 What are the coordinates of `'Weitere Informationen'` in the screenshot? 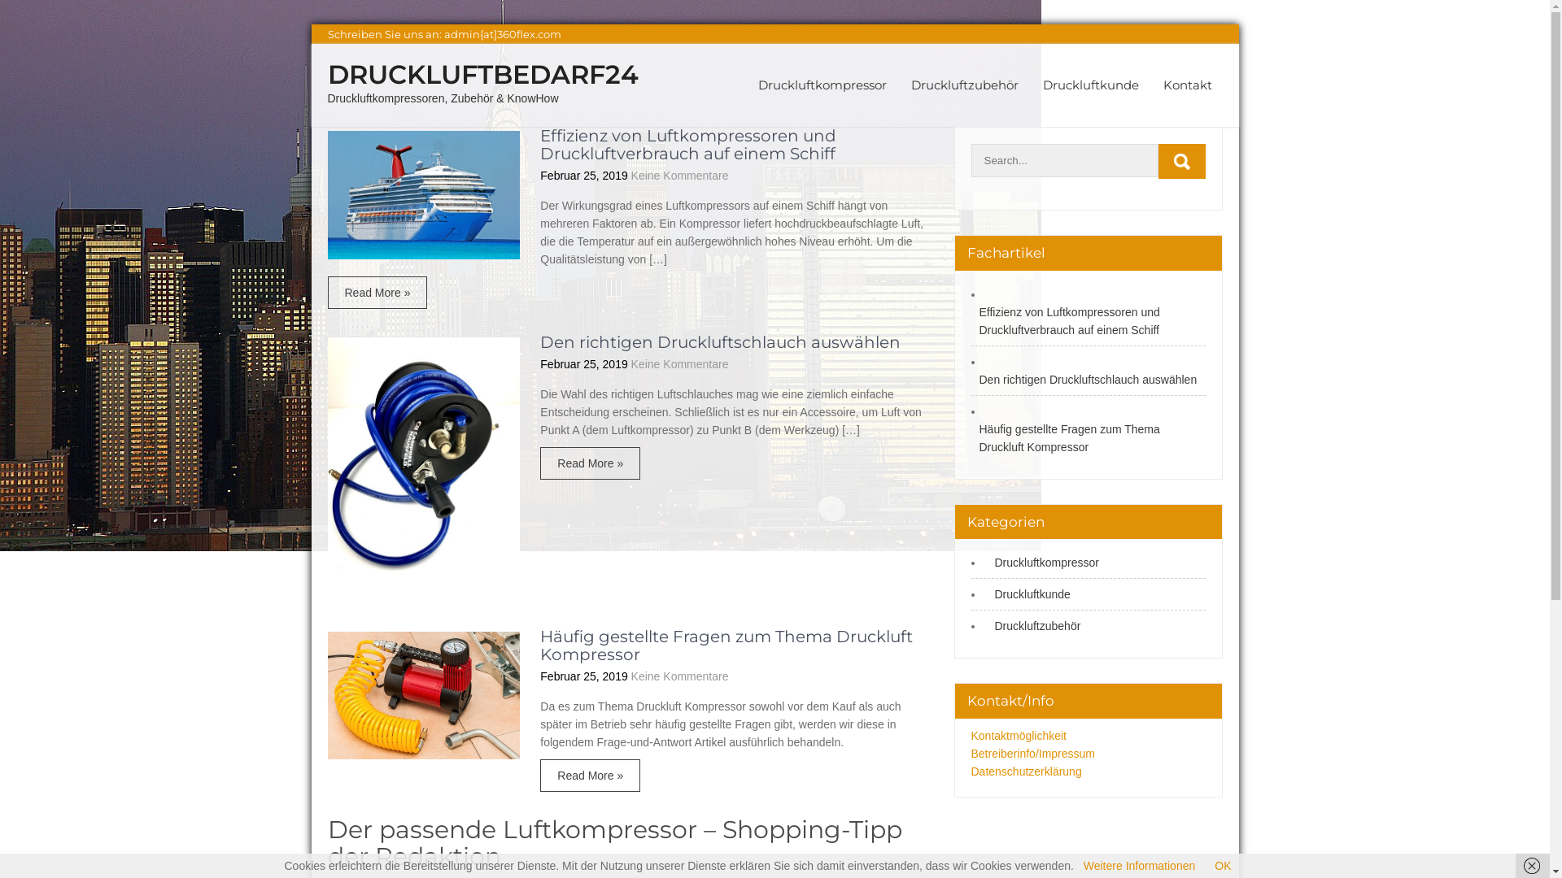 It's located at (1138, 864).